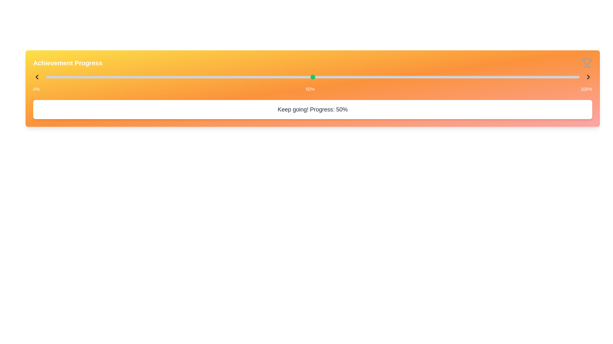 The height and width of the screenshot is (344, 613). Describe the element at coordinates (310, 89) in the screenshot. I see `the progress label indicating 50% in the progress-related interface, which is centrally positioned between '0%' and '100%'` at that location.